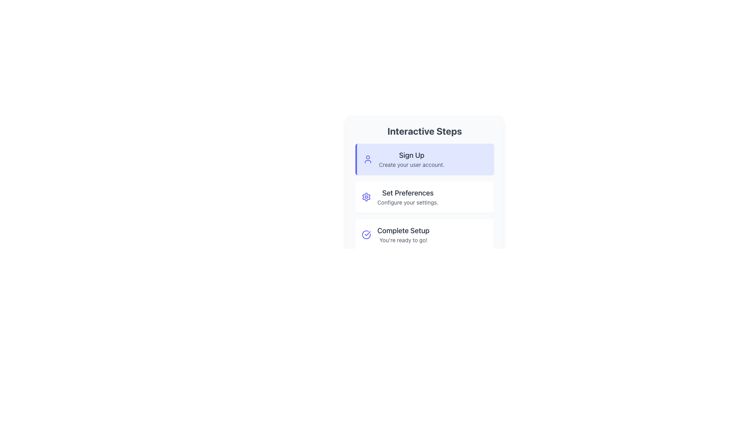 This screenshot has height=424, width=754. What do you see at coordinates (366, 196) in the screenshot?
I see `the gear icon in the third step of the 'Interactive Steps' widget, which is adjacent to the 'Set Preferences' text` at bounding box center [366, 196].